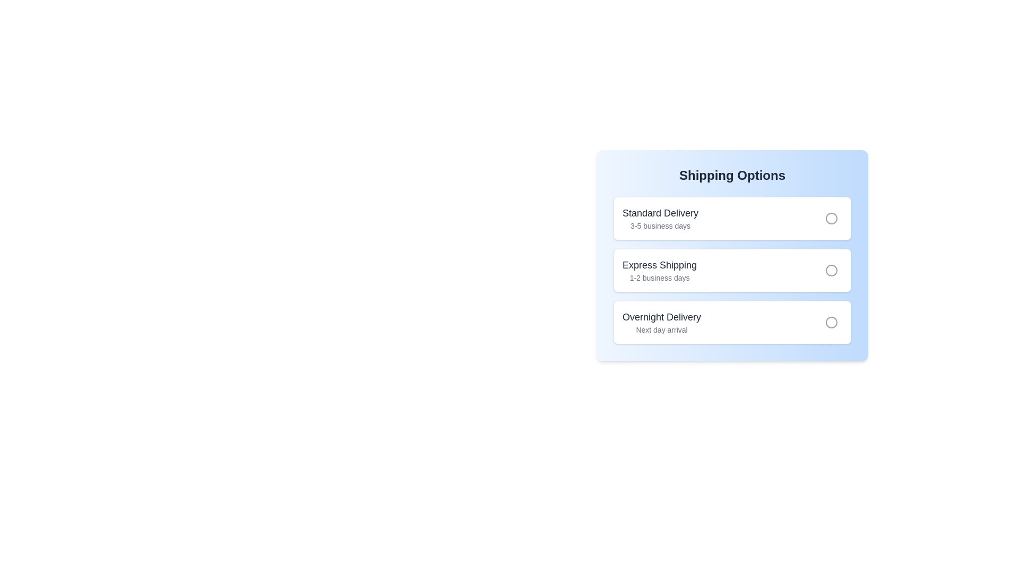 The width and height of the screenshot is (1019, 573). I want to click on the circular selection indicator on the 'Express Shipping' option in the list to choose this shipping method, so click(732, 270).